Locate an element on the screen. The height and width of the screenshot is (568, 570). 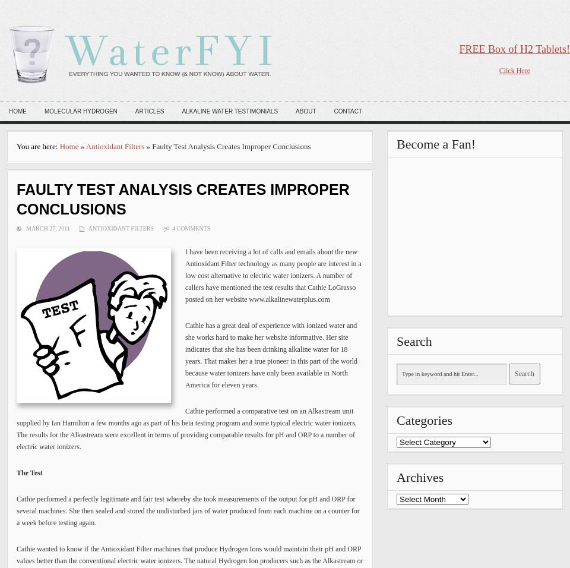
'Cathie performed a comparative test on an Alkastream unit supplied by Ian Hamilton a few months ago as part of his beta testing program and some typical electric water ionizers. The results for the Alkastream  were excellent in terms of providing comparable results for pH and ORP to a number of electric water ionizers.' is located at coordinates (186, 428).